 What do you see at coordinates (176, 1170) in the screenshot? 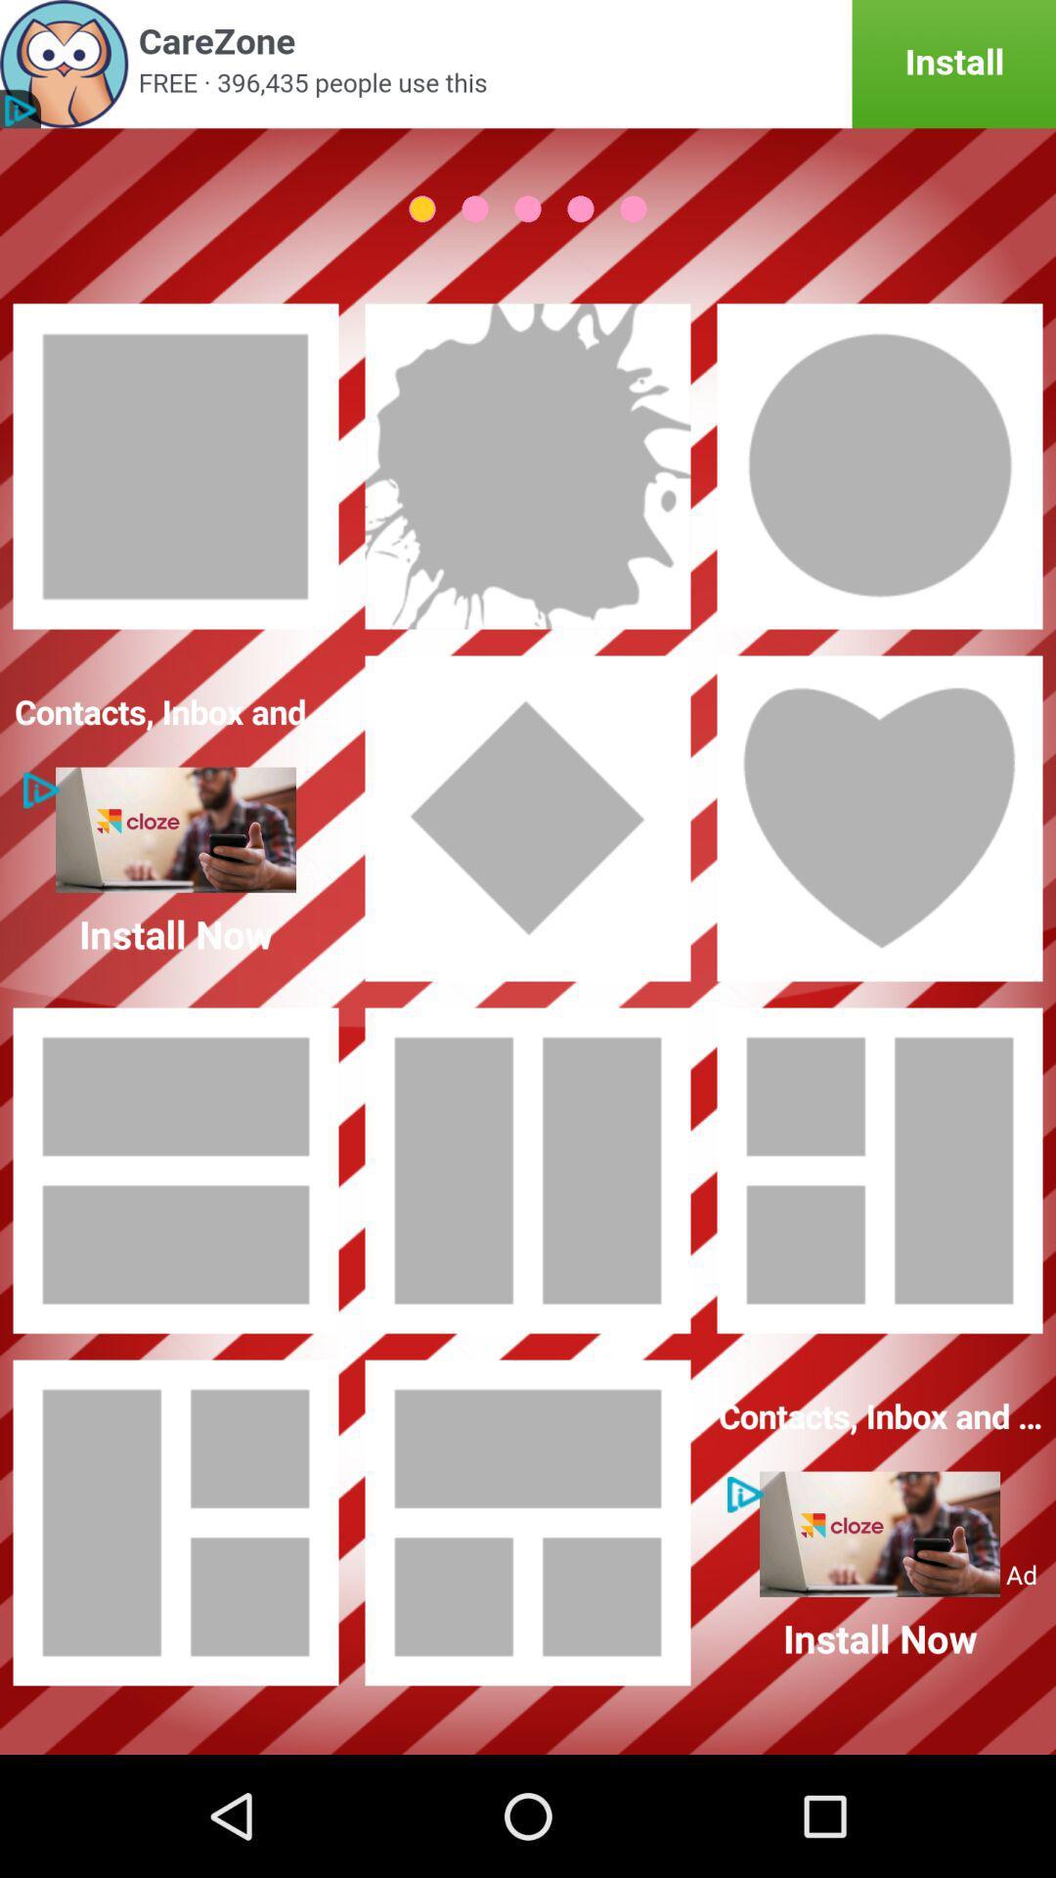
I see `select shape` at bounding box center [176, 1170].